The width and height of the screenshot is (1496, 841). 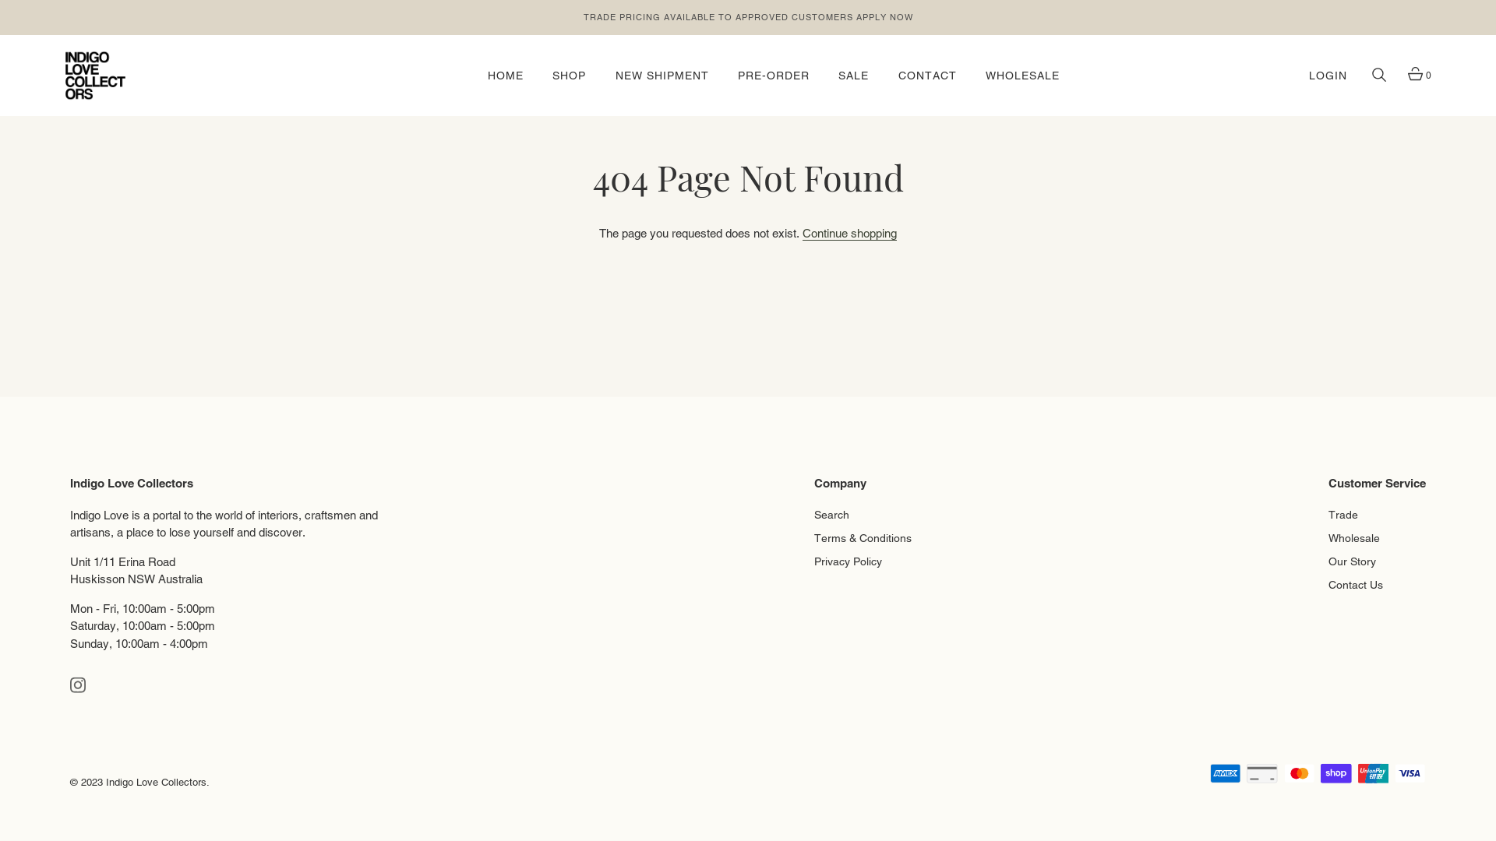 I want to click on 'CONTACT', so click(x=886, y=76).